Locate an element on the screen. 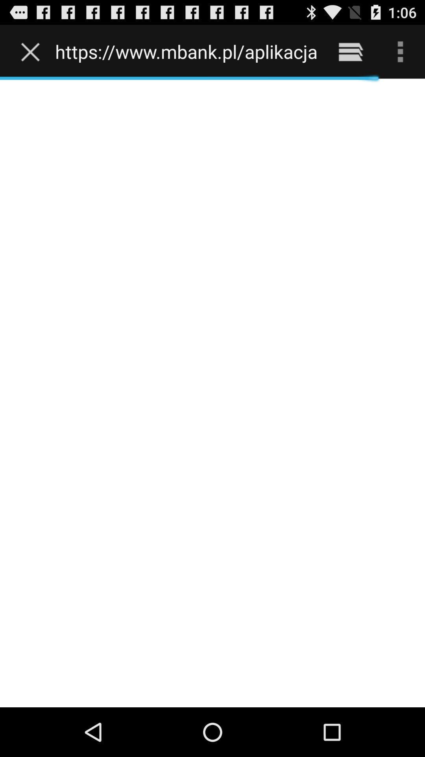 The height and width of the screenshot is (757, 425). the icon next to https www mbank is located at coordinates (350, 51).